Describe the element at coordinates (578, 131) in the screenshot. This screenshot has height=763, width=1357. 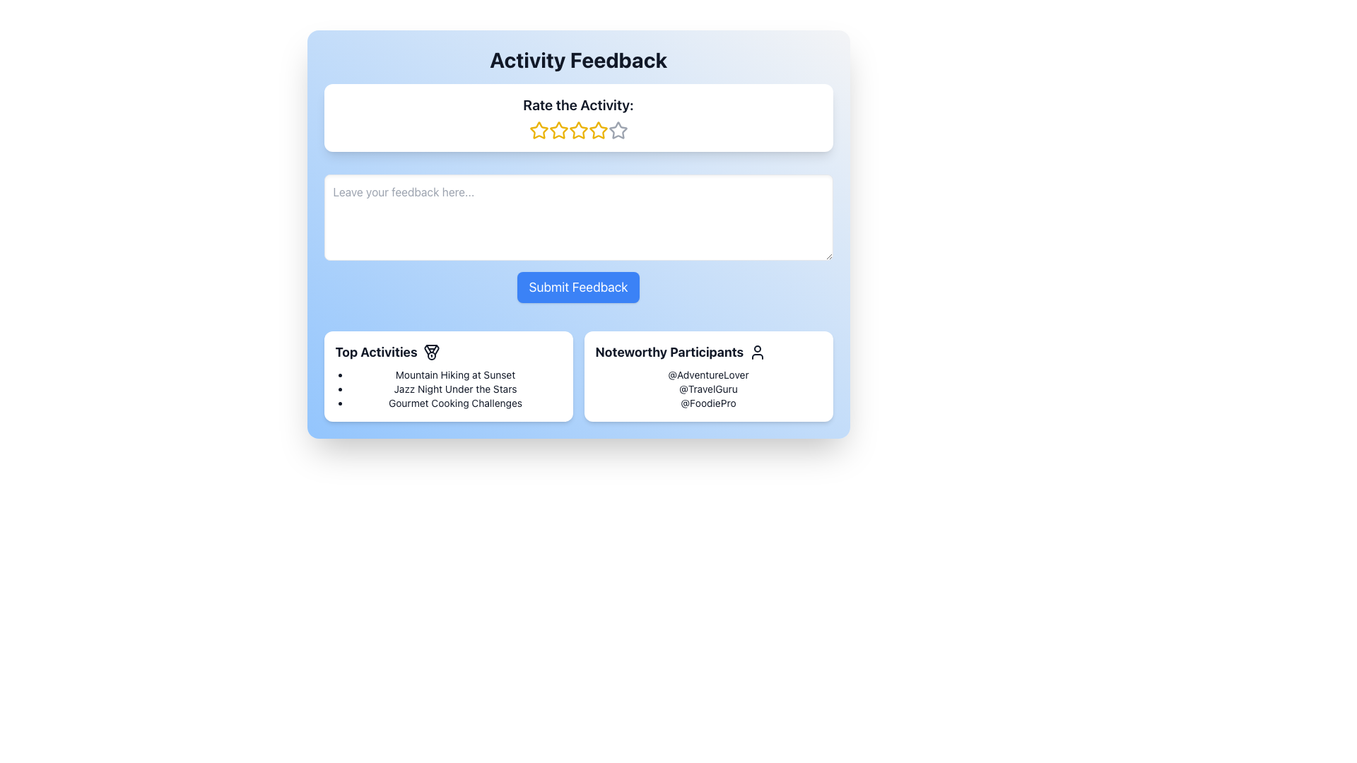
I see `the third filled yellow star icon in the rating section labeled 'Rate the Activity:'` at that location.